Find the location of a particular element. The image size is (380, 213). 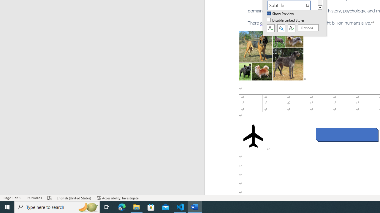

'Subtitle' is located at coordinates (292, 5).